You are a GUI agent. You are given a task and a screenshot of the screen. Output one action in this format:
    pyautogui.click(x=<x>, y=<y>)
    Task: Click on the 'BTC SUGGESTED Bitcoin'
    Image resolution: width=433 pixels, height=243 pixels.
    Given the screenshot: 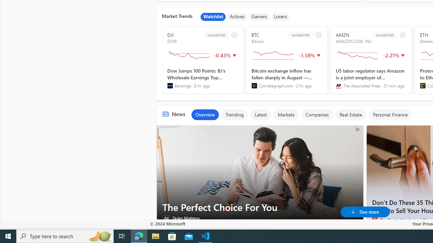 What is the action you would take?
    pyautogui.click(x=287, y=60)
    